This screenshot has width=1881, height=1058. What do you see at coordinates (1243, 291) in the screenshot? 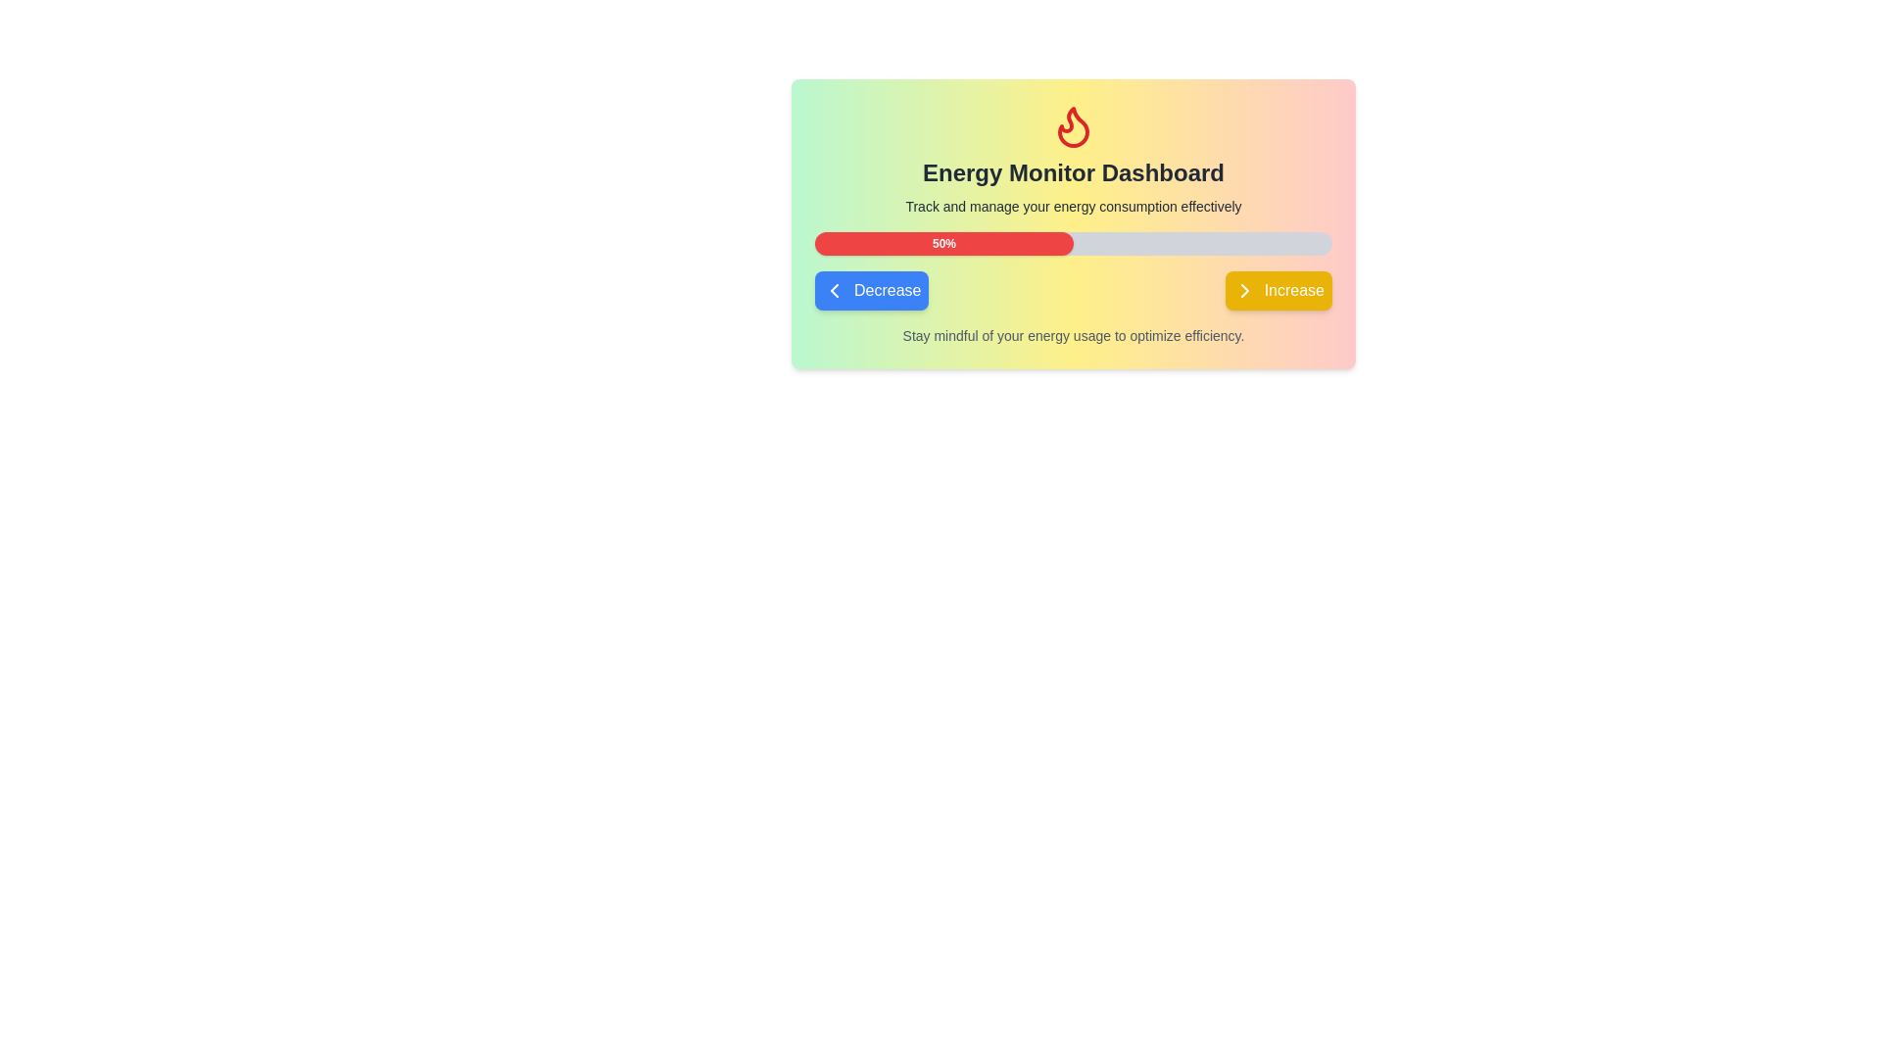
I see `the rightward chevron icon with a bold outline, which is part of the 'Increase' button` at bounding box center [1243, 291].